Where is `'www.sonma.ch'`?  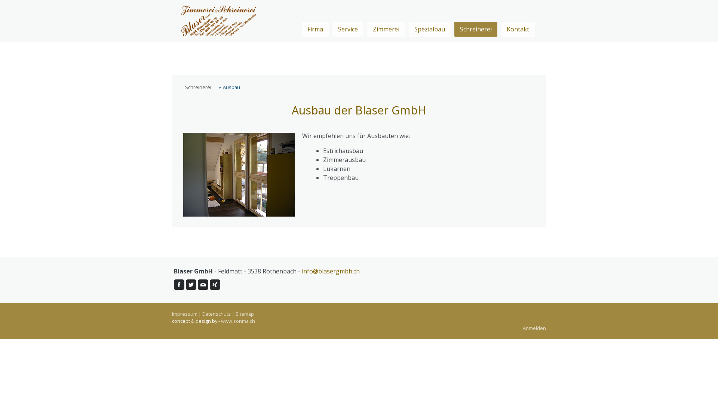
'www.sonma.ch' is located at coordinates (237, 320).